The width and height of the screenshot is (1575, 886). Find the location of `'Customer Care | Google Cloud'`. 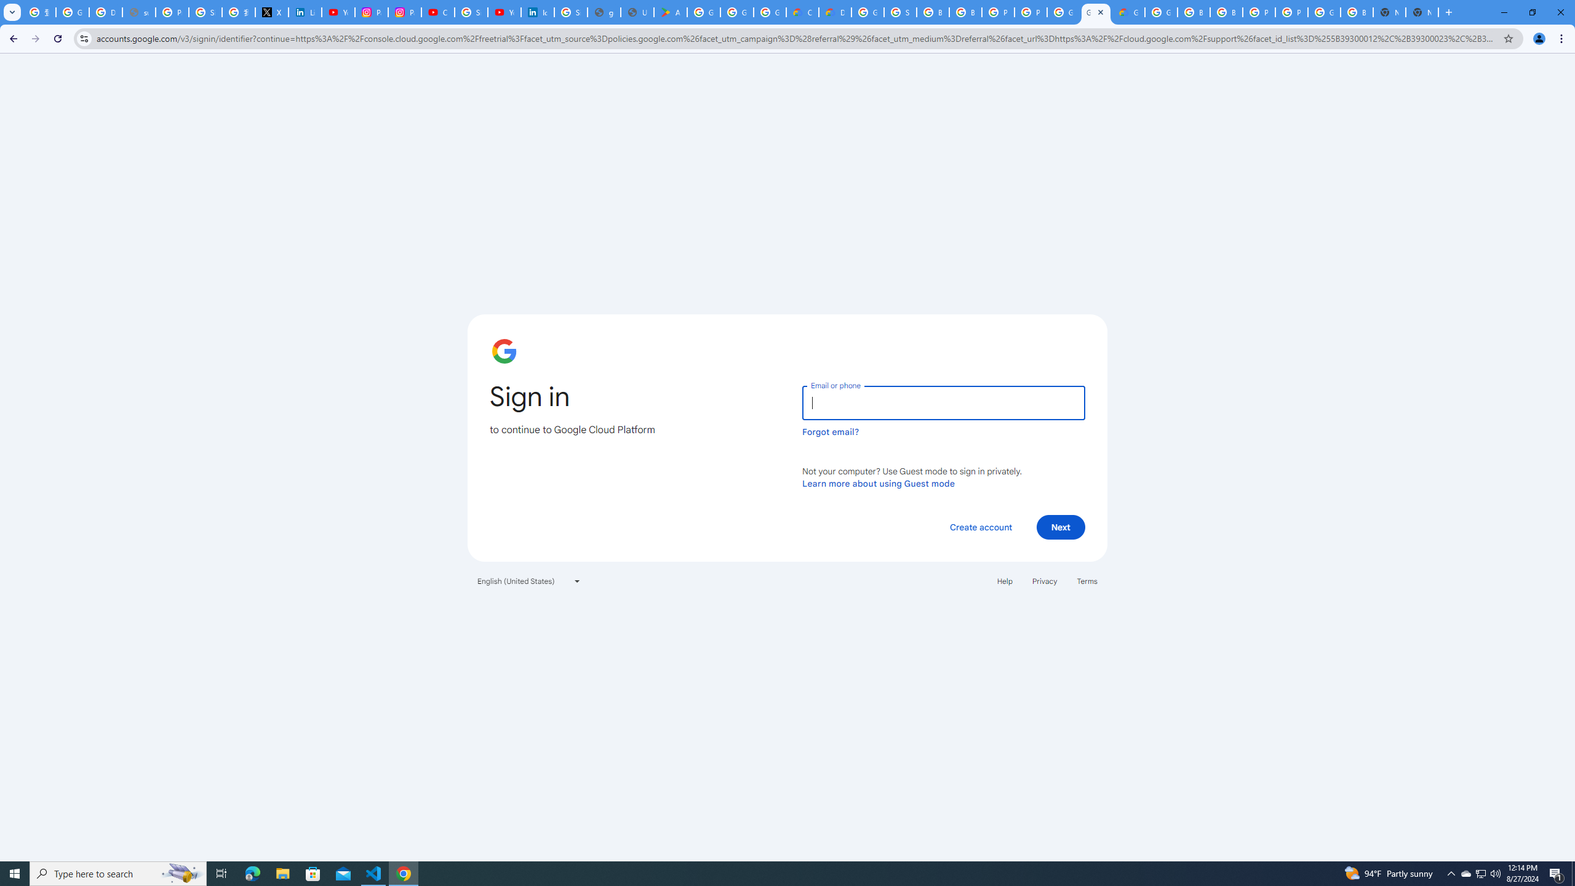

'Customer Care | Google Cloud' is located at coordinates (802, 12).